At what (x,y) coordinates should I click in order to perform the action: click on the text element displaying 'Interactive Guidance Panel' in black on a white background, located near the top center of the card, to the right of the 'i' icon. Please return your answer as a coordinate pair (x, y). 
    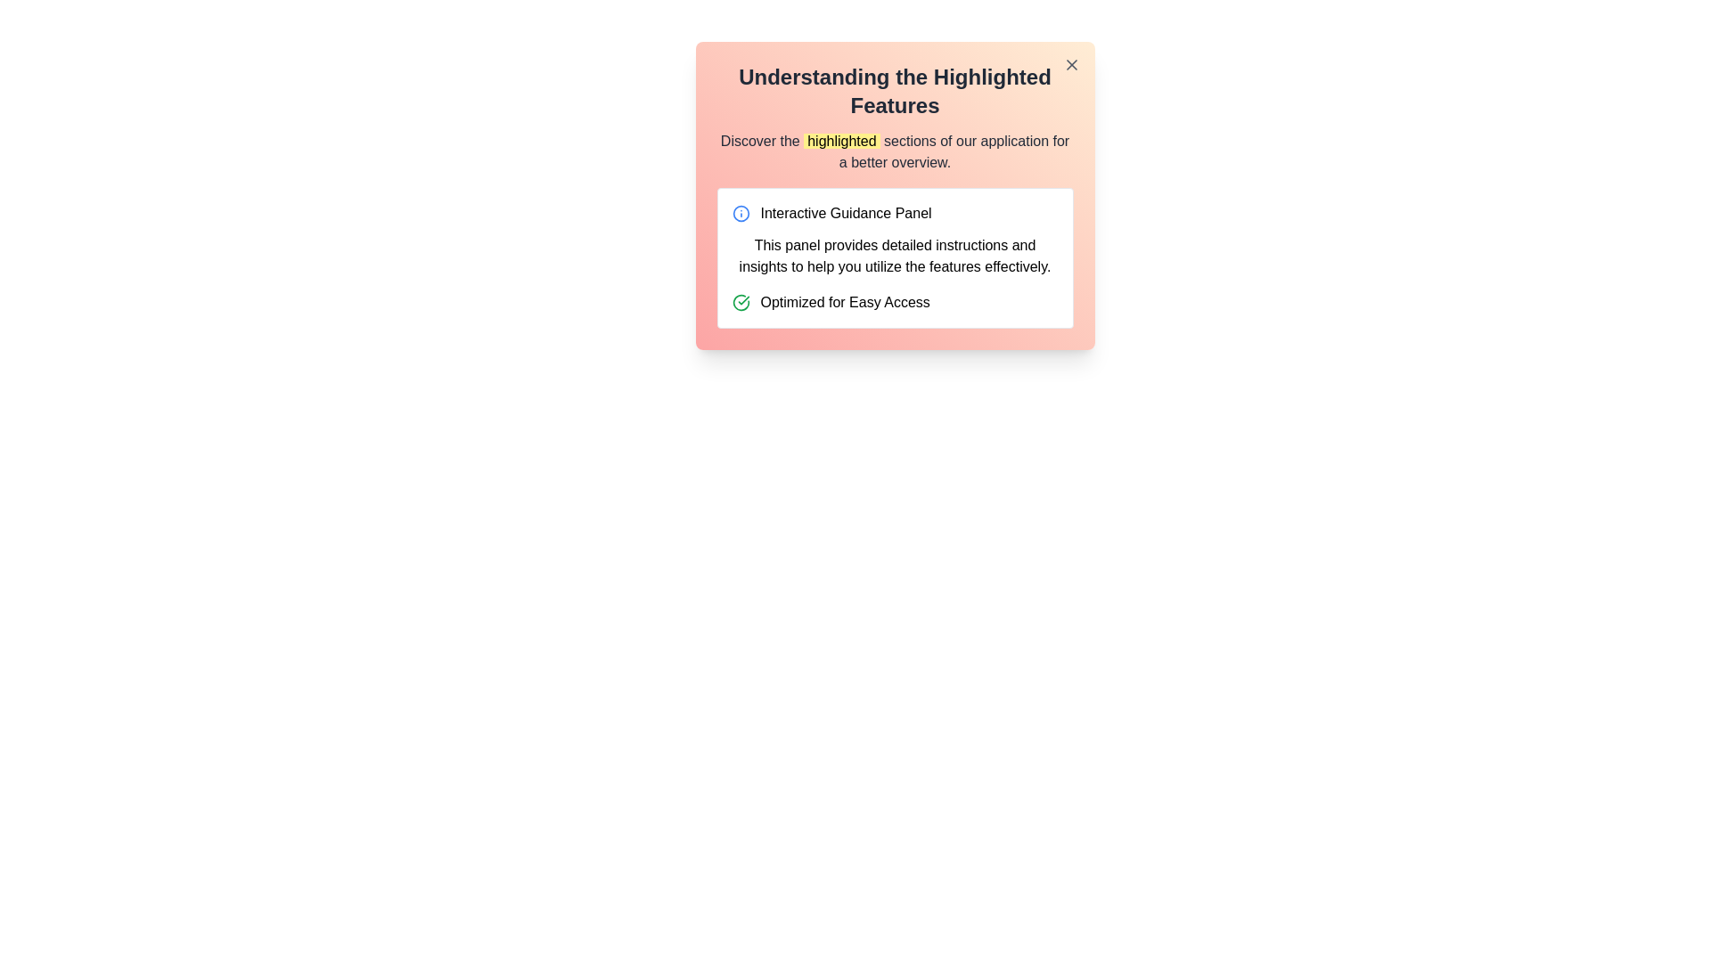
    Looking at the image, I should click on (845, 212).